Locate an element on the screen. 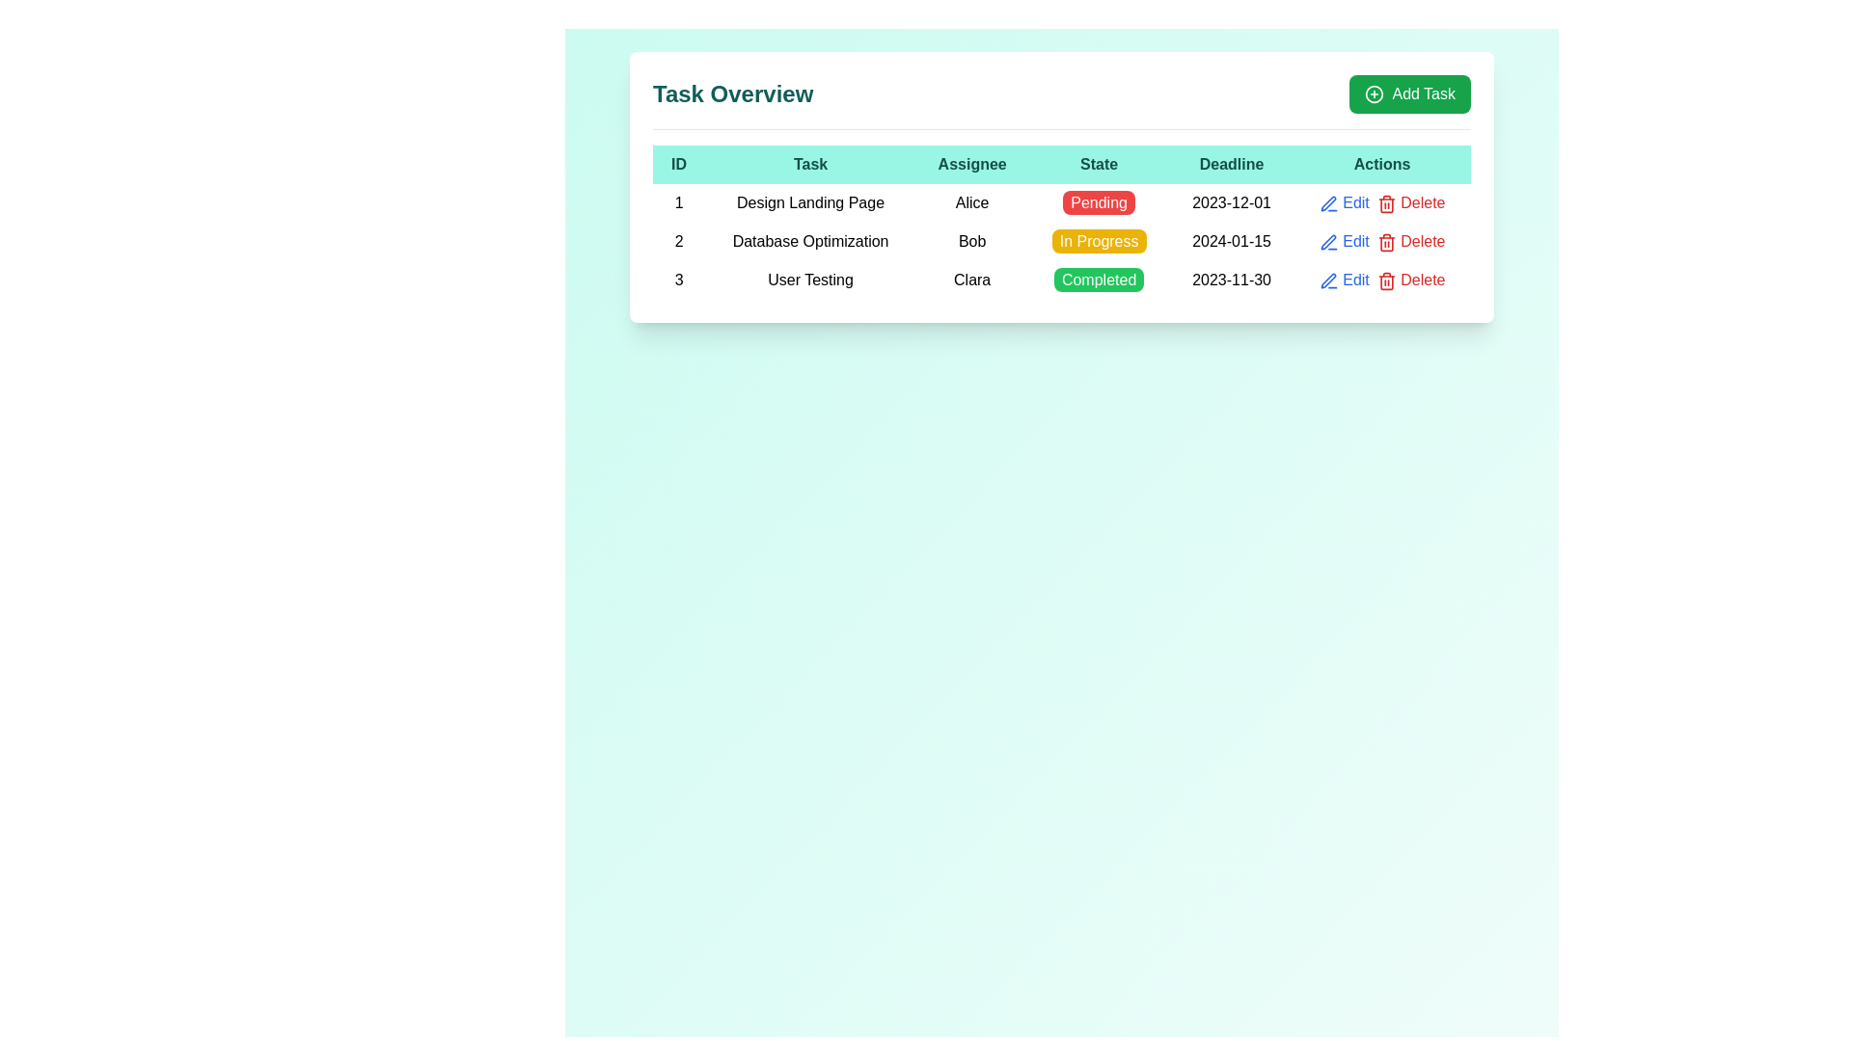 The width and height of the screenshot is (1852, 1041). the editing tool icon (pen or pencil design) located in the 'Actions' column next to the 'Edit' text link is located at coordinates (1327, 203).